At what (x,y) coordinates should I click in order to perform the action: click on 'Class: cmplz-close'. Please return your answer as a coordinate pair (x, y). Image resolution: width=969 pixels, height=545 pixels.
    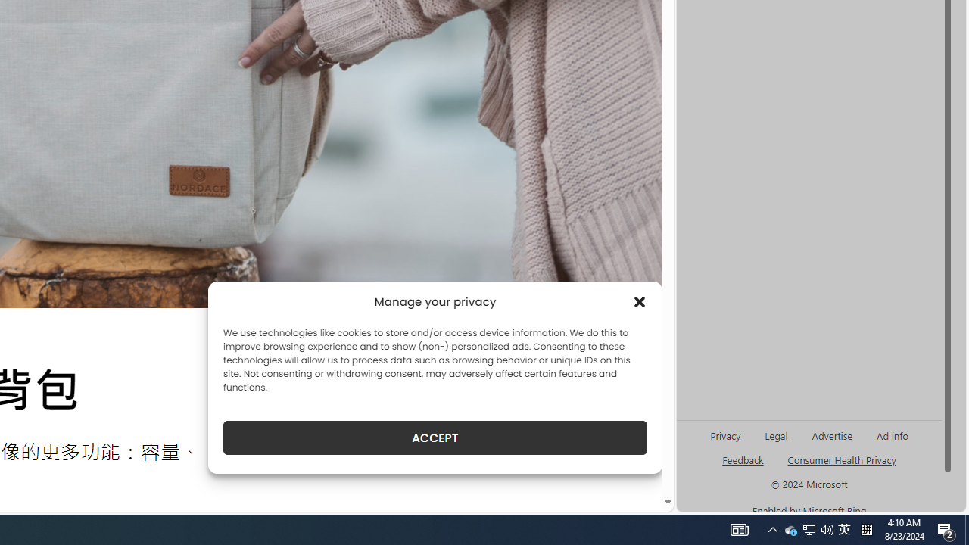
    Looking at the image, I should click on (639, 301).